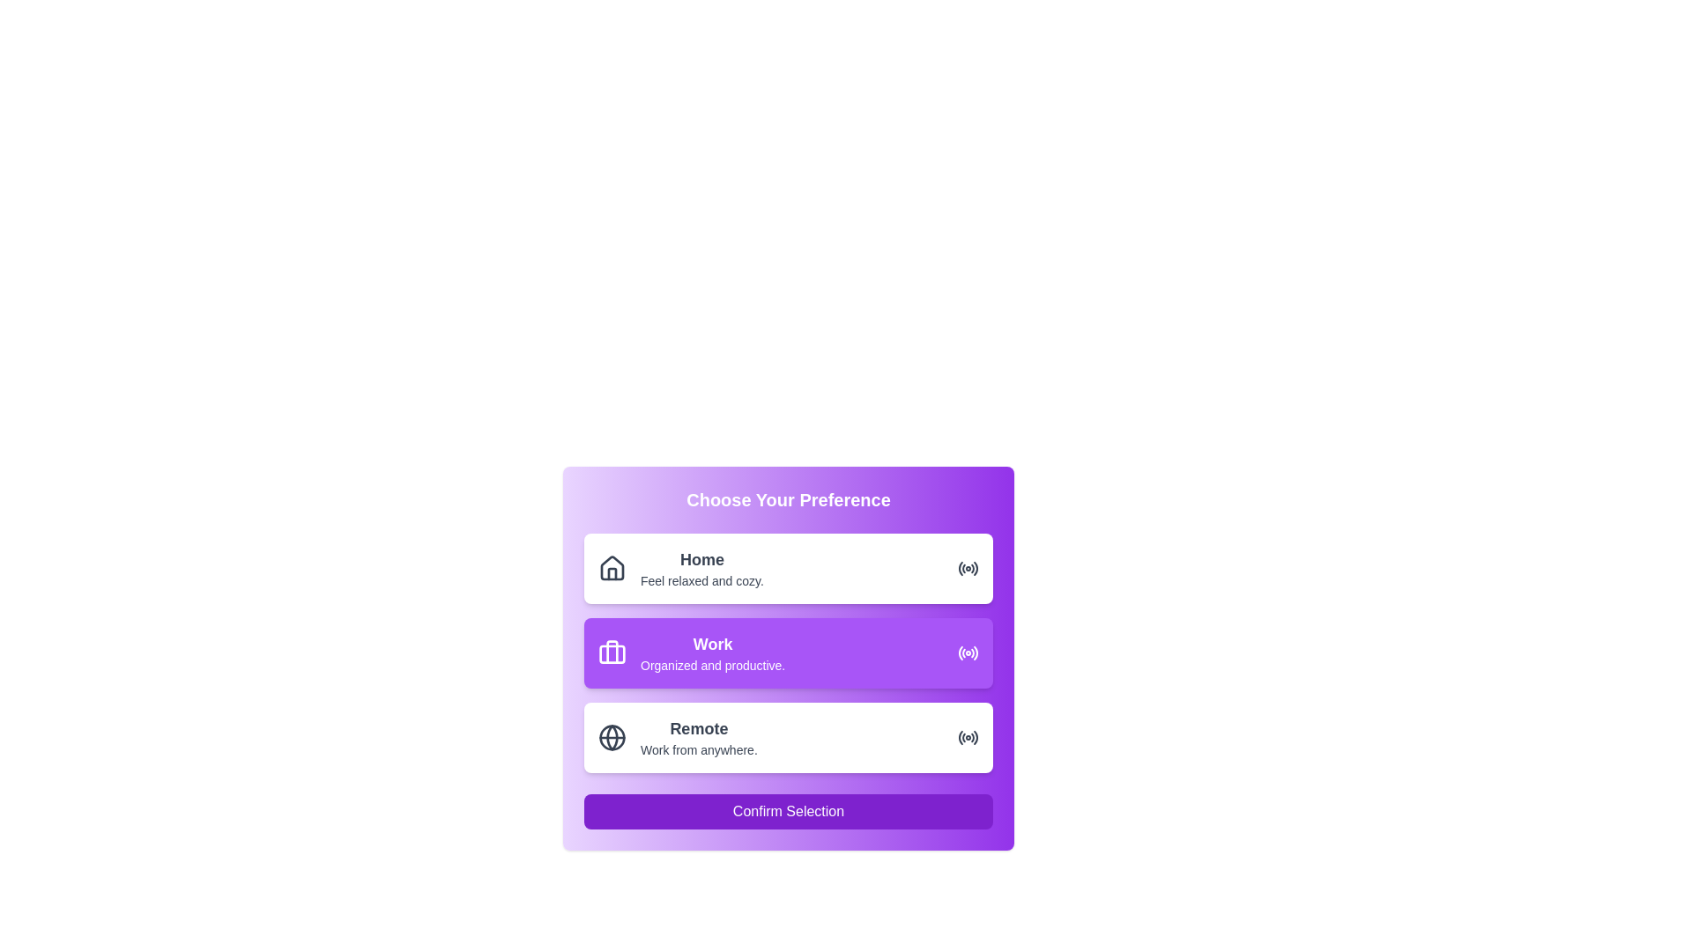 This screenshot has height=951, width=1692. Describe the element at coordinates (968, 652) in the screenshot. I see `the icon-based indicator representing the active state of the 'Work' option, located at the extreme right end of the second row within the card labeled 'Work - Organized and productive.'` at that location.